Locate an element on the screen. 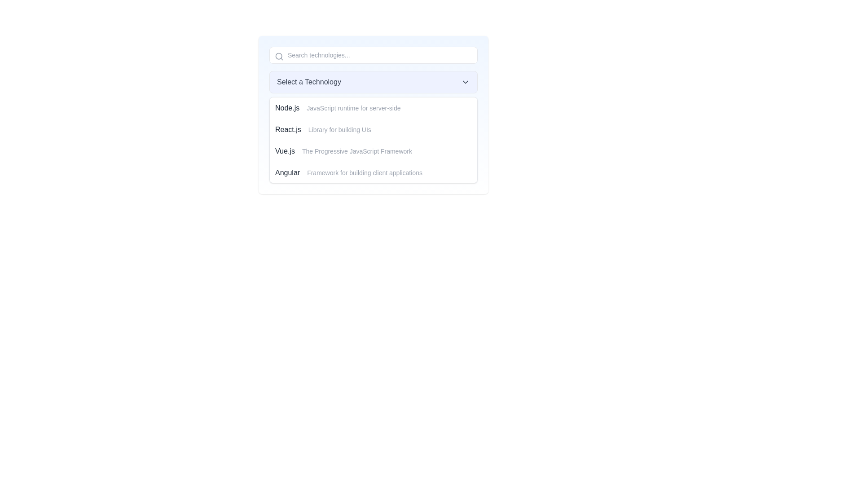 The height and width of the screenshot is (485, 862). the descriptive text label styled in gray that reads 'The Progressive JavaScript Framework', positioned to the right of the bold 'Vue.js' heading is located at coordinates (356, 150).